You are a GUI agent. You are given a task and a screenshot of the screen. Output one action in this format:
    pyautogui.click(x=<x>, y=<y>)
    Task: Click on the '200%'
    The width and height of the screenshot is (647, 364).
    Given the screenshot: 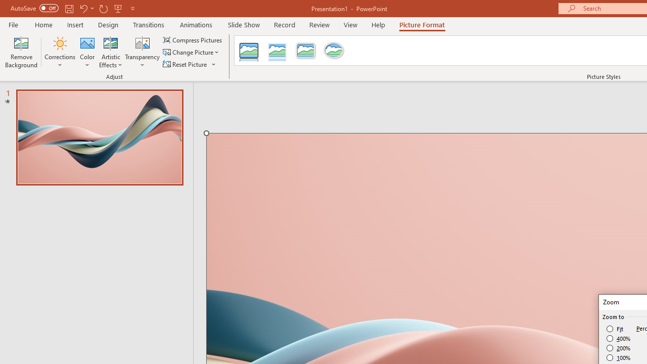 What is the action you would take?
    pyautogui.click(x=618, y=348)
    